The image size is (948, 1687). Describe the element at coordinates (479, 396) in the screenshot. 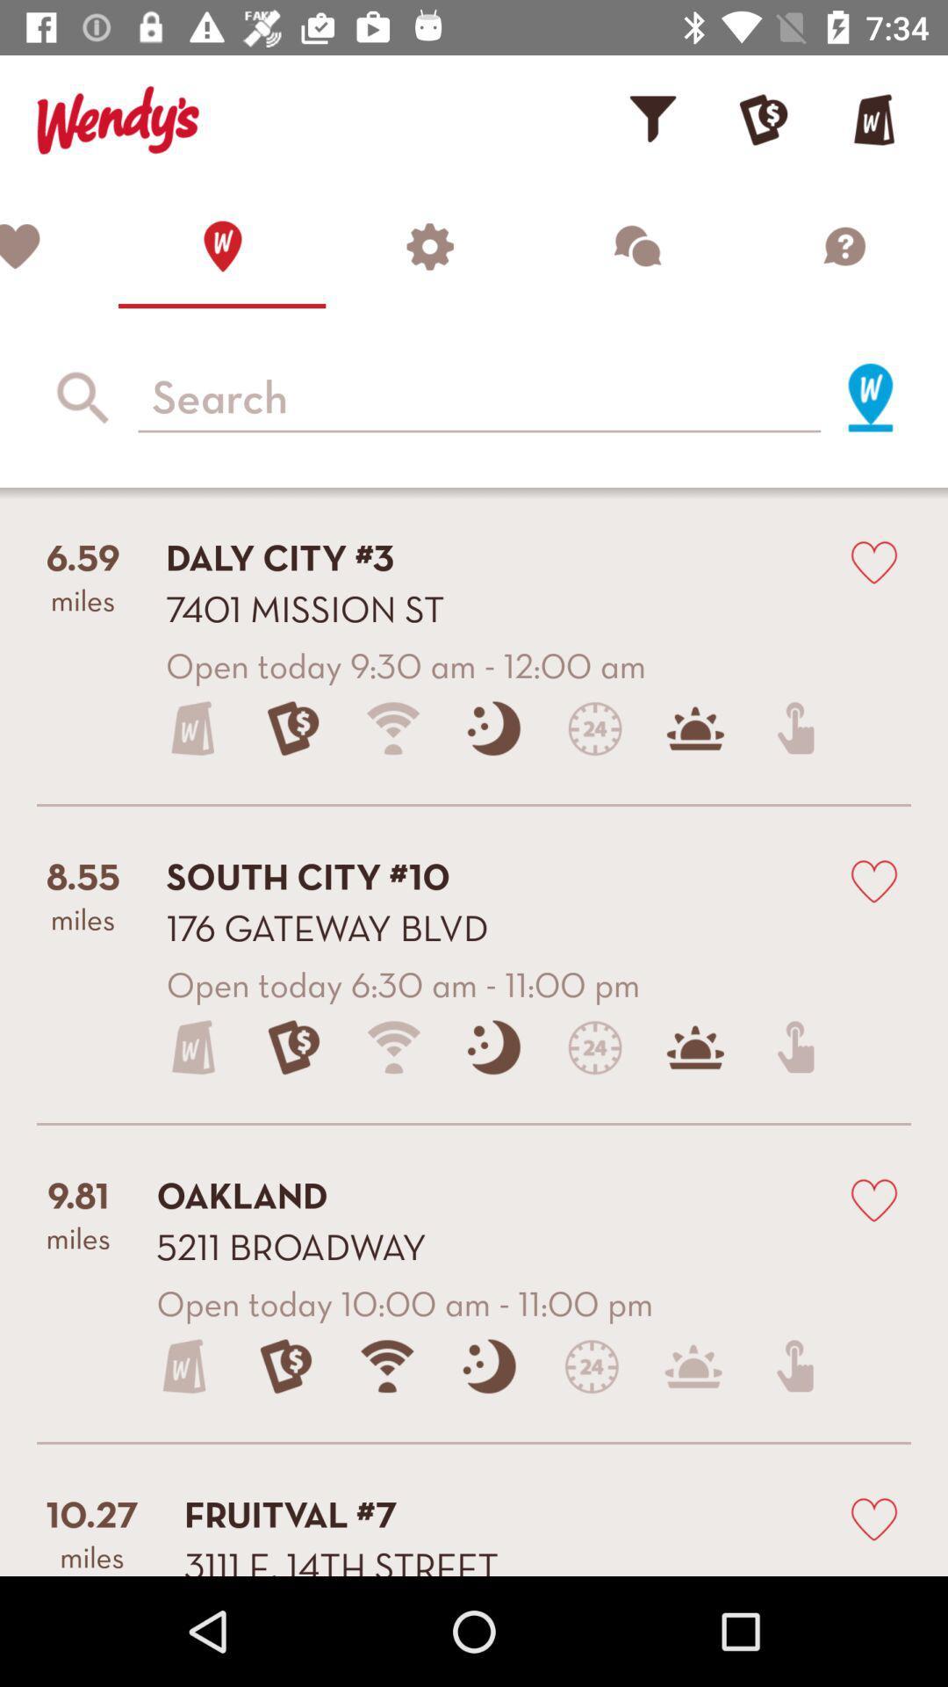

I see `input a search string` at that location.